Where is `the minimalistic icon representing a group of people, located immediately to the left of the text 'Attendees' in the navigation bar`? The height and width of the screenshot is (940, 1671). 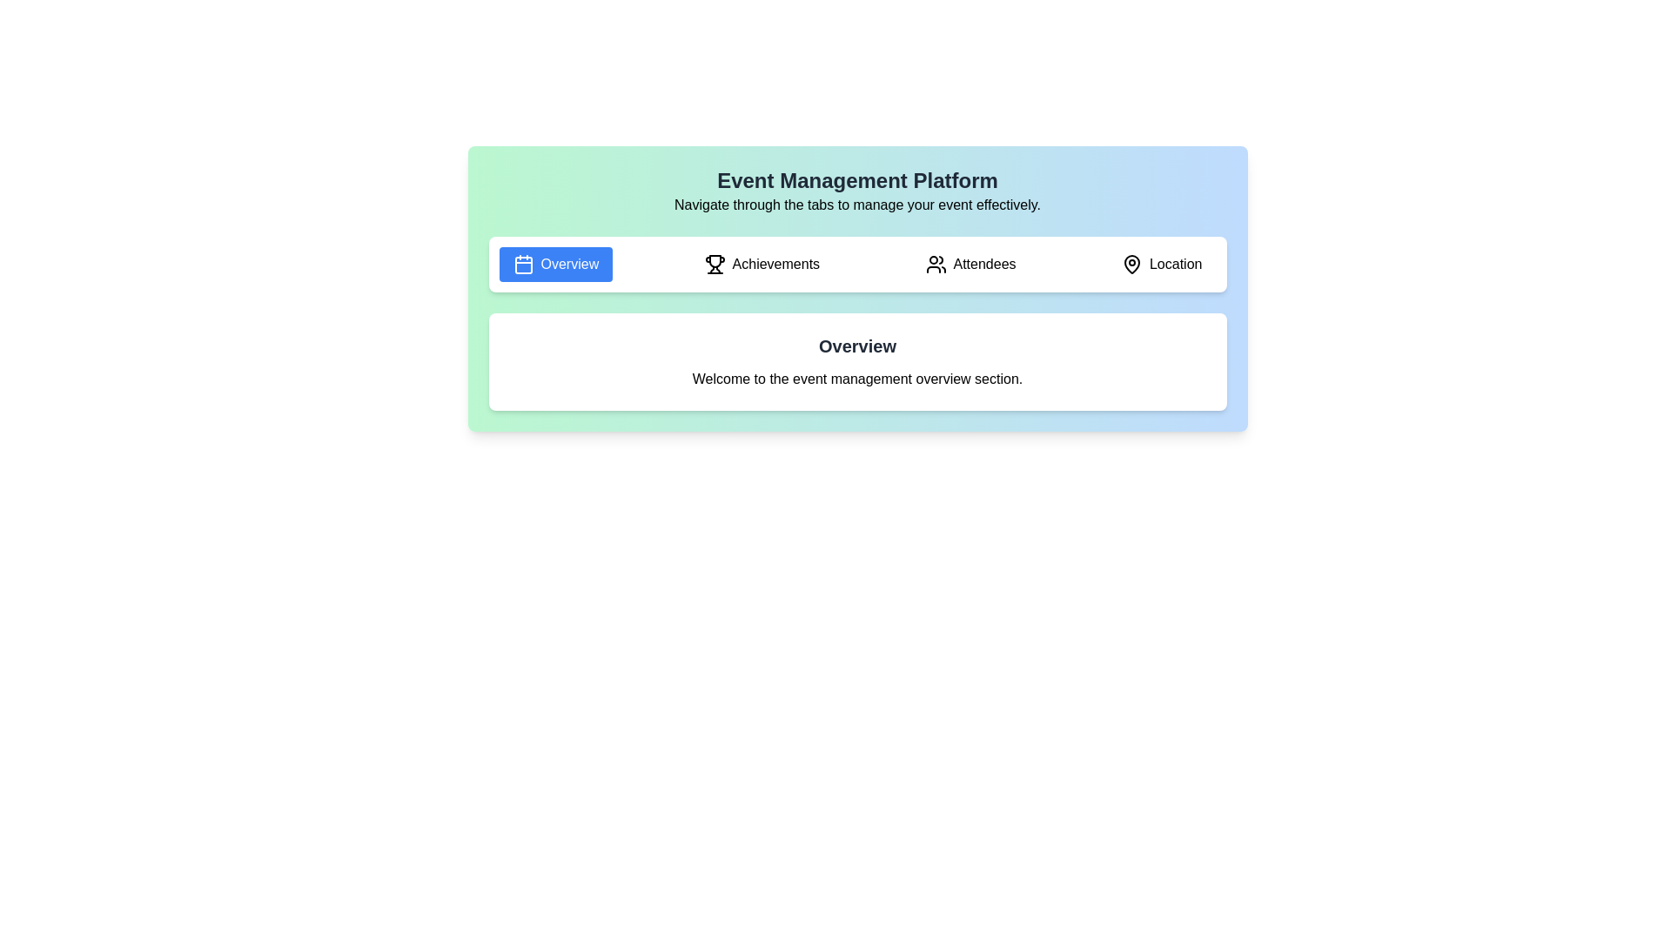 the minimalistic icon representing a group of people, located immediately to the left of the text 'Attendees' in the navigation bar is located at coordinates (935, 265).